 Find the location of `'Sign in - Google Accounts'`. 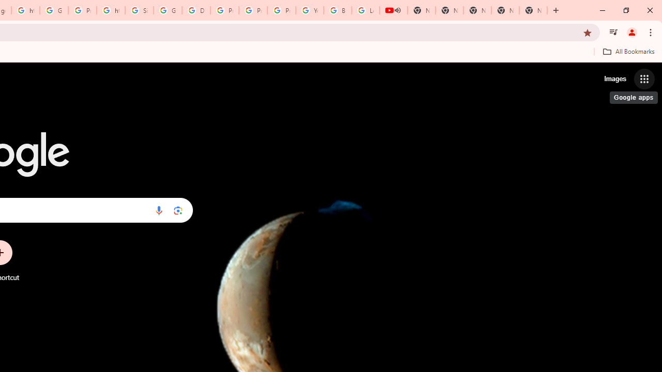

'Sign in - Google Accounts' is located at coordinates (139, 10).